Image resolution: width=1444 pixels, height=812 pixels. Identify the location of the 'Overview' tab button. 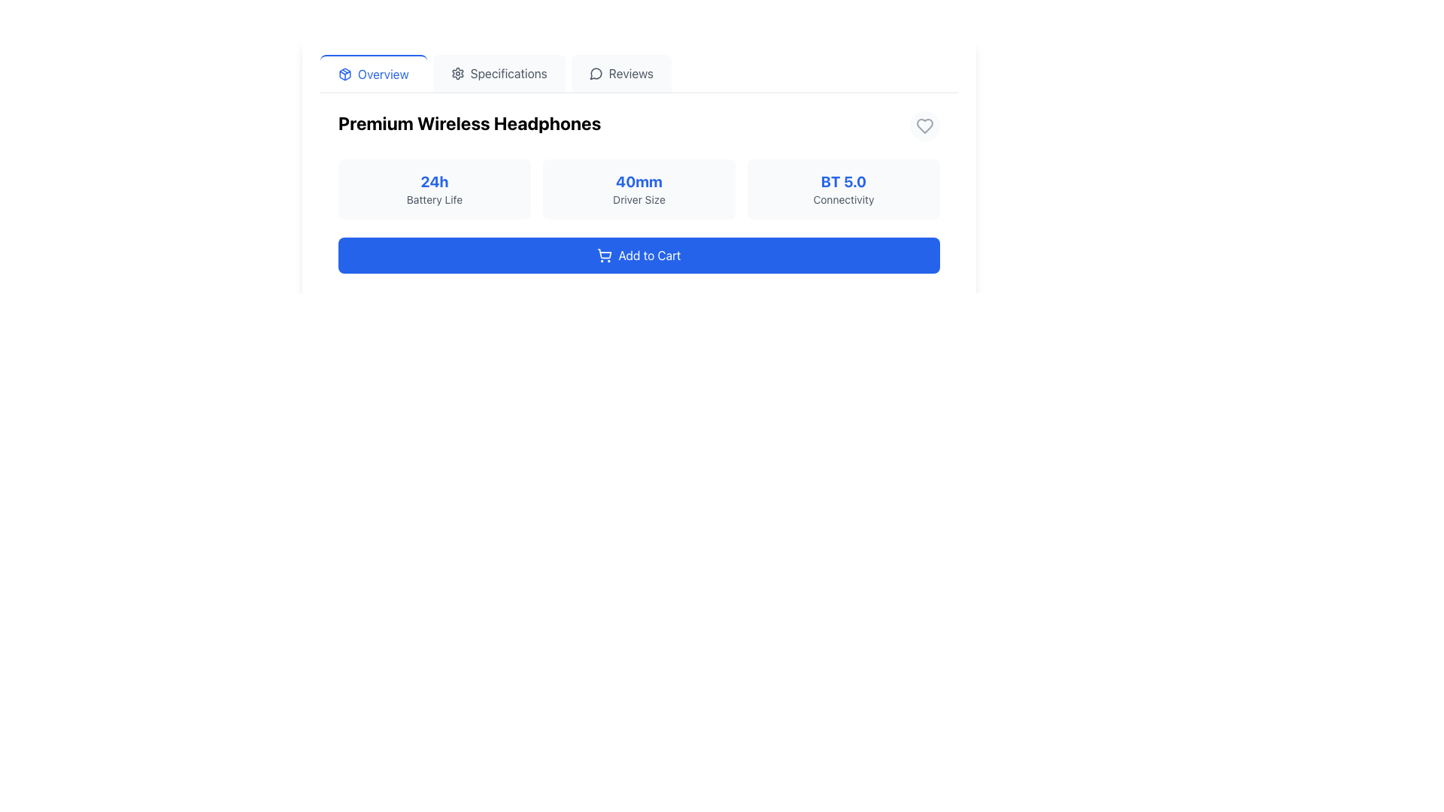
(373, 73).